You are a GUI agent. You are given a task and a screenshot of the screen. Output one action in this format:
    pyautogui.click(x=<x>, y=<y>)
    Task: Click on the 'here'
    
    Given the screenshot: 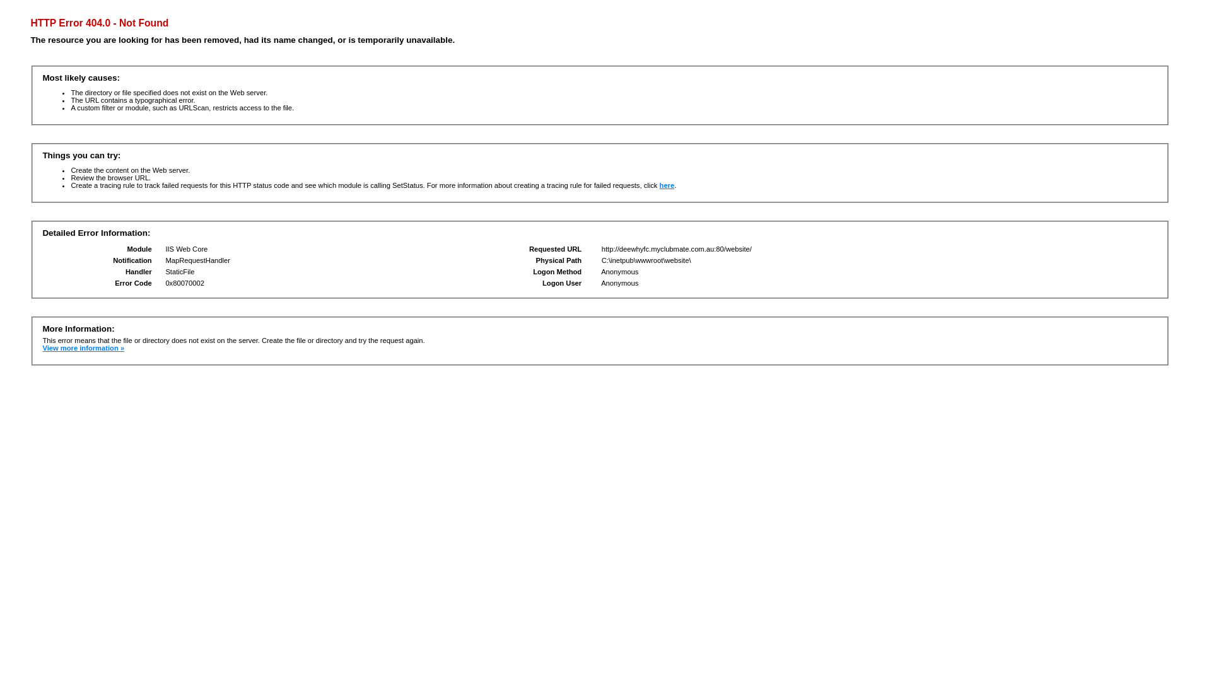 What is the action you would take?
    pyautogui.click(x=666, y=185)
    